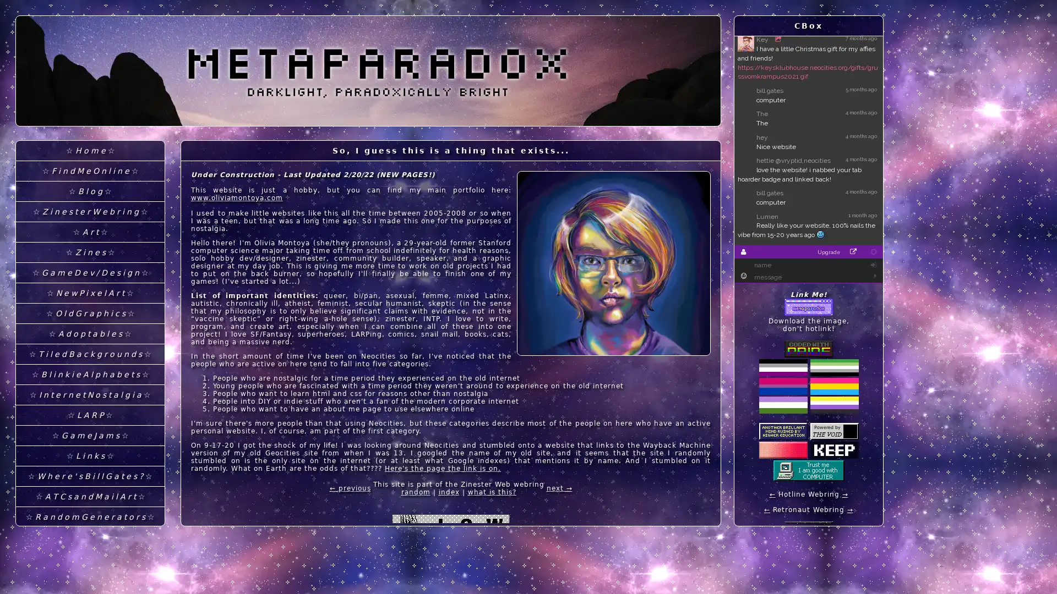 This screenshot has height=594, width=1057. I want to click on G a m e J a m s, so click(90, 435).